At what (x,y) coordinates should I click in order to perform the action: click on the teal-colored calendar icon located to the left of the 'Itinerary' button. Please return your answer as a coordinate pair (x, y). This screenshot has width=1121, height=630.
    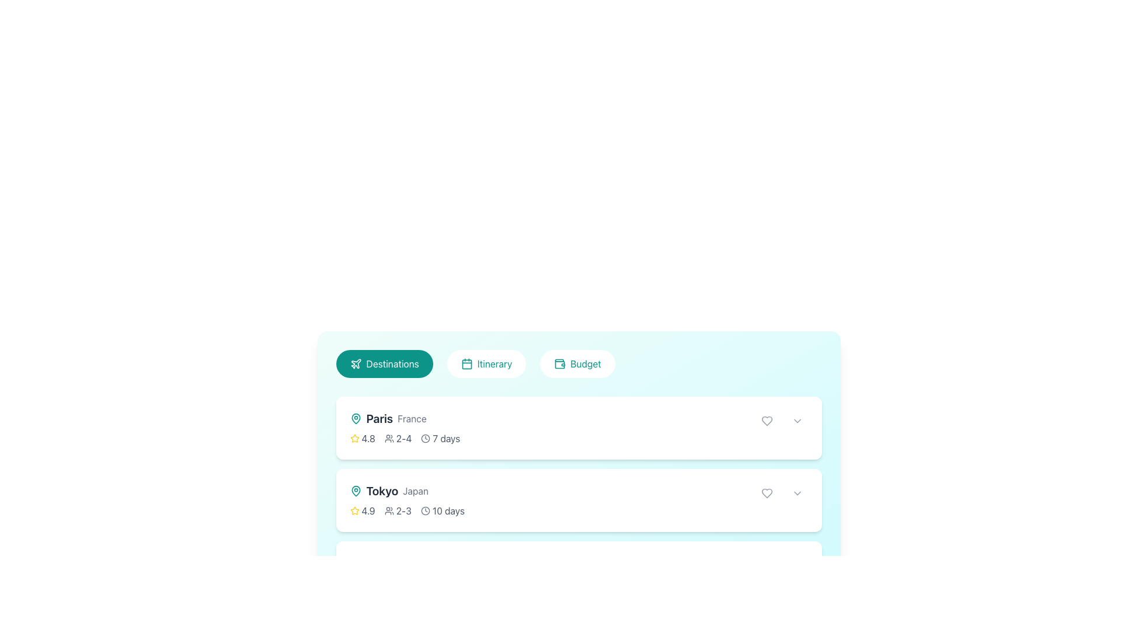
    Looking at the image, I should click on (466, 363).